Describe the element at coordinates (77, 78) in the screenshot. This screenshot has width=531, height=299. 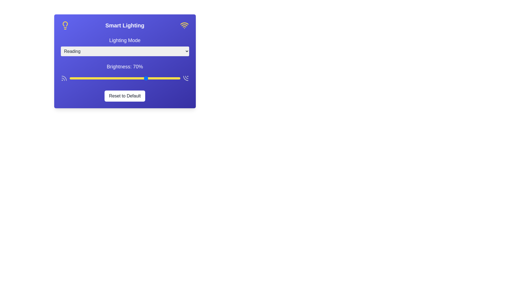
I see `the brightness slider to 7%` at that location.